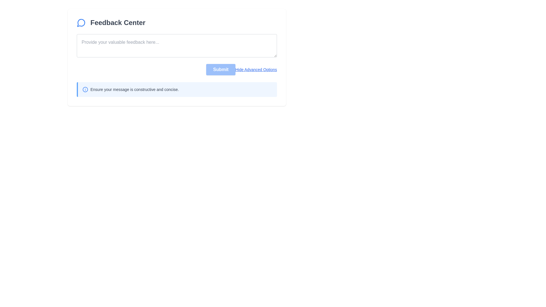 Image resolution: width=546 pixels, height=307 pixels. I want to click on the circular outline icon with a blue stroke, located near the text 'Ensure your message is constructive and concise.', so click(85, 90).